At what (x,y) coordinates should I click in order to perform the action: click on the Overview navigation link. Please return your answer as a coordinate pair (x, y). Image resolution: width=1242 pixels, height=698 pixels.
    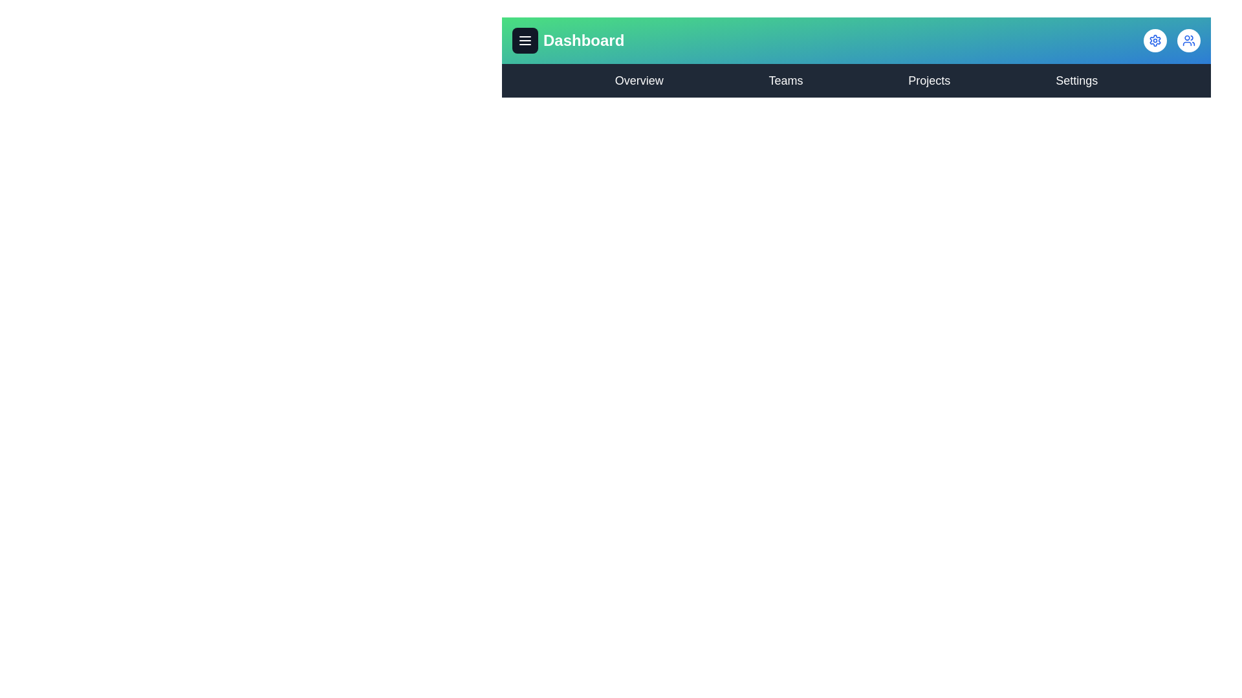
    Looking at the image, I should click on (639, 80).